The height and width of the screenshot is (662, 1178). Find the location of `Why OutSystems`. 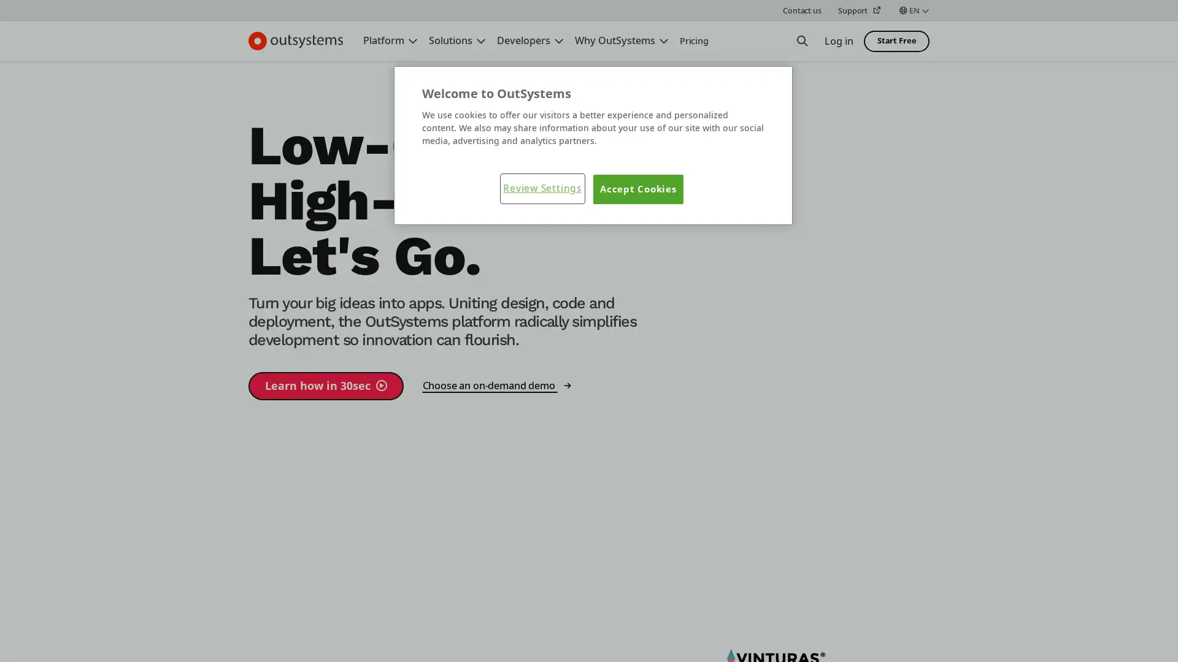

Why OutSystems is located at coordinates (622, 40).